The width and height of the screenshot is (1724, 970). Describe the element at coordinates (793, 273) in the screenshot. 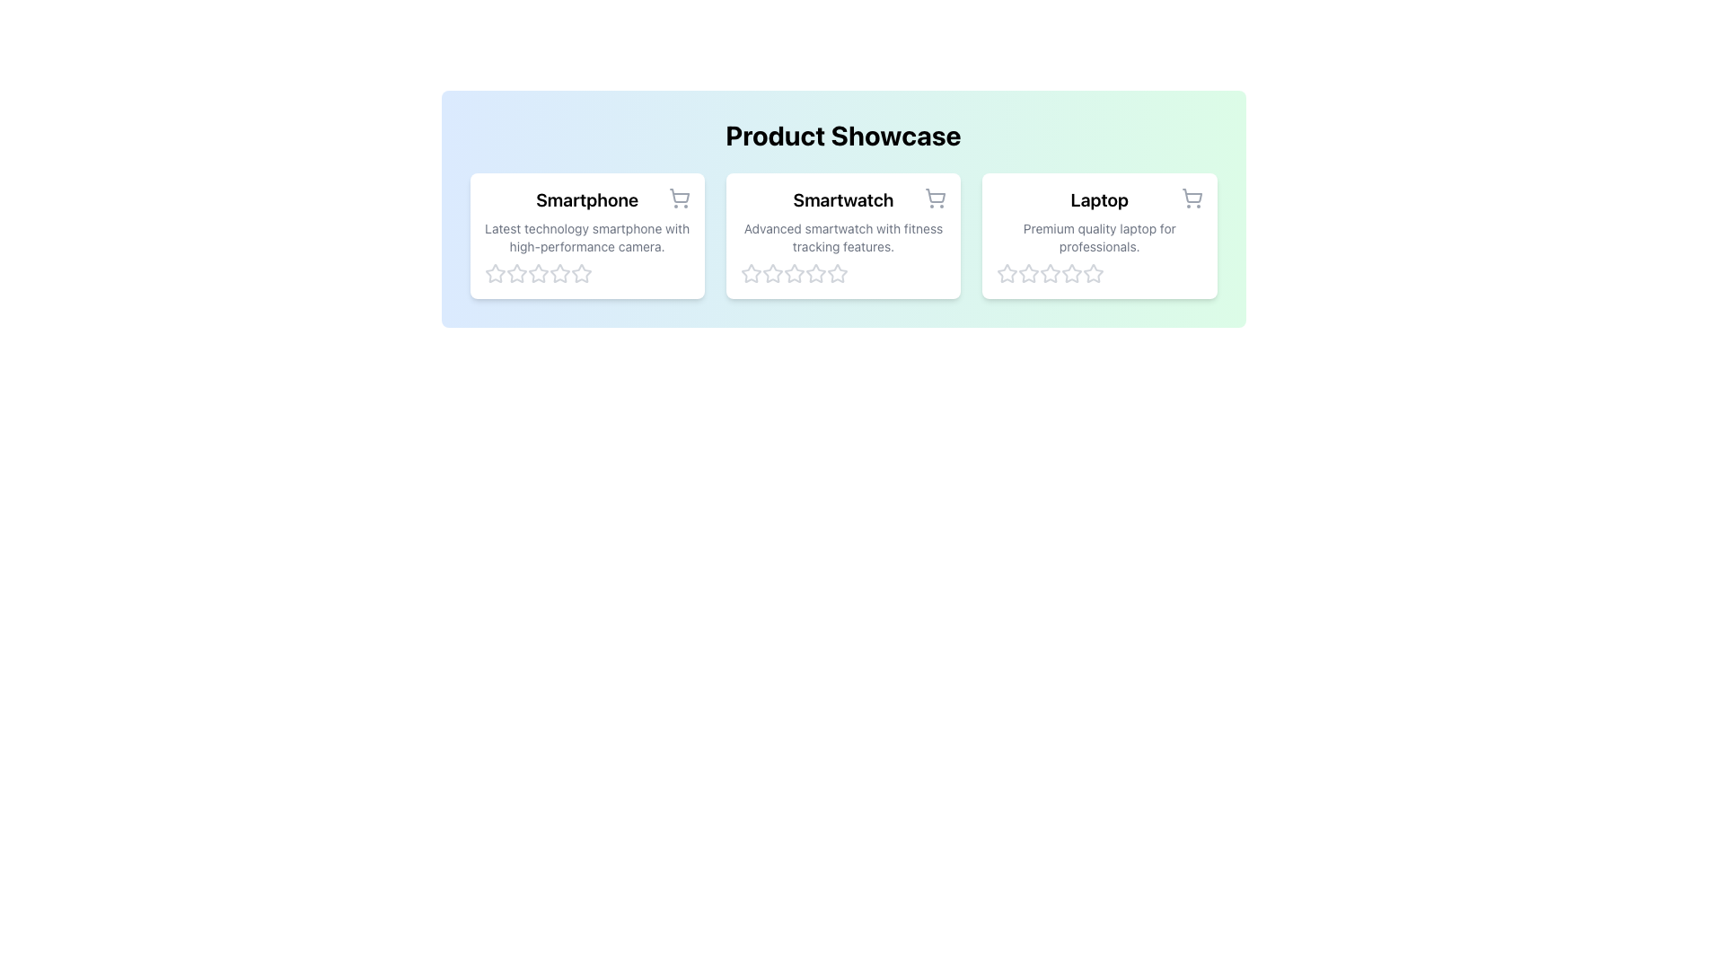

I see `the third star icon in the five-star rating system for the 'Smartwatch' product, which allows the user to select a 3-star rating` at that location.